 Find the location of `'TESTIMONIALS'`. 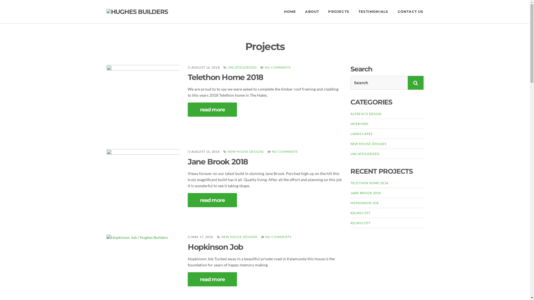

'TESTIMONIALS' is located at coordinates (373, 12).